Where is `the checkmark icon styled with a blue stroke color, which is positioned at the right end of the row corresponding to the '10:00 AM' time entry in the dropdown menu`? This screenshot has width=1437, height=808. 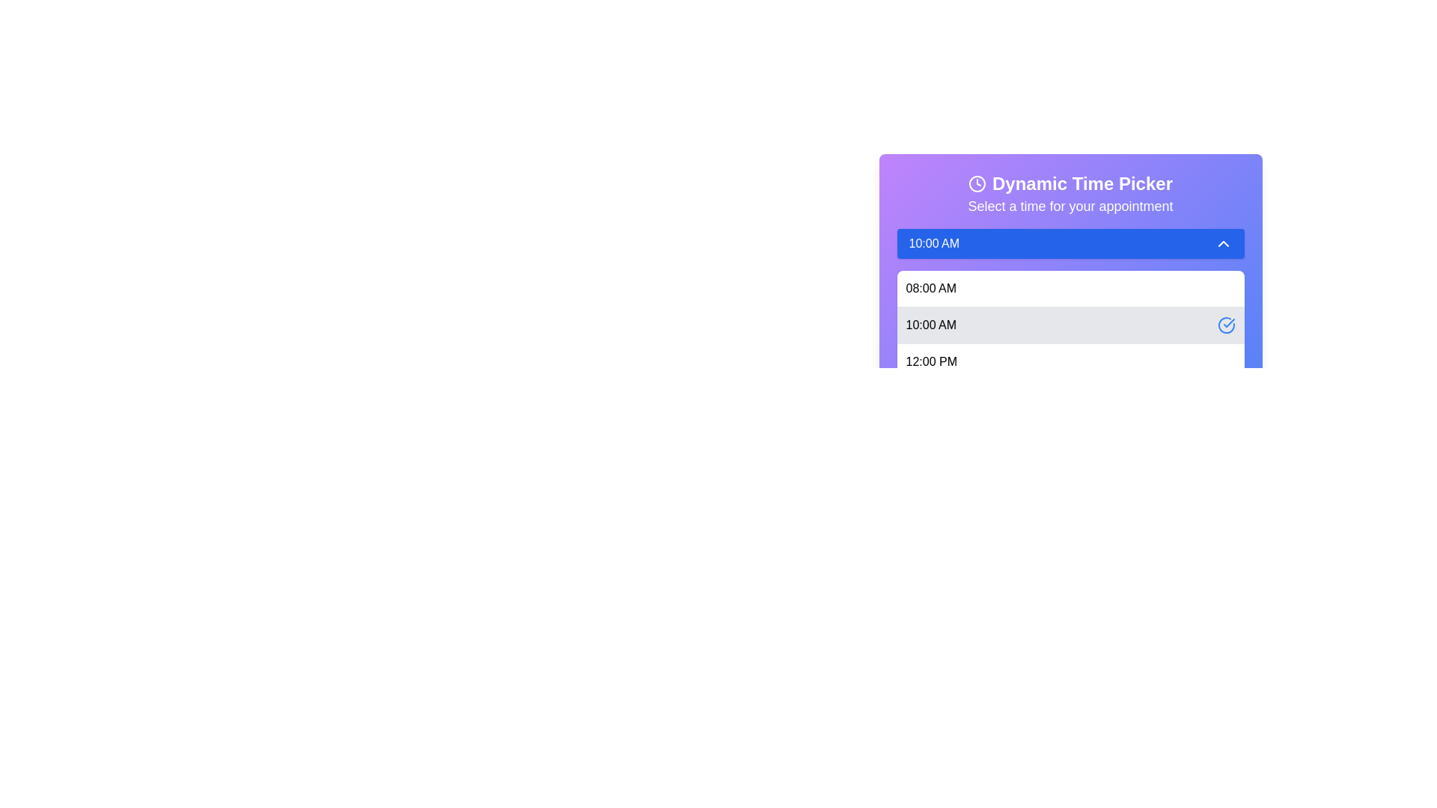
the checkmark icon styled with a blue stroke color, which is positioned at the right end of the row corresponding to the '10:00 AM' time entry in the dropdown menu is located at coordinates (1228, 322).